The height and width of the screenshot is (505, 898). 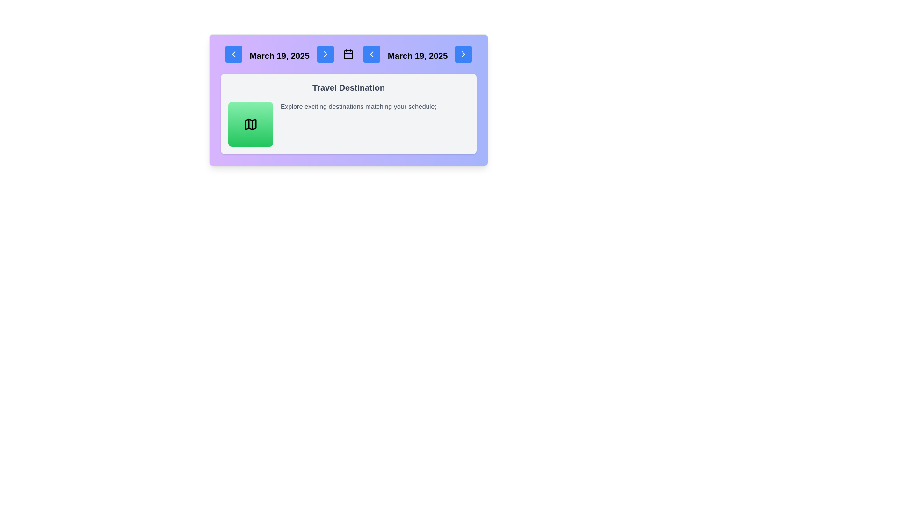 I want to click on the right chevron icon button with a blue background, located, so click(x=325, y=54).